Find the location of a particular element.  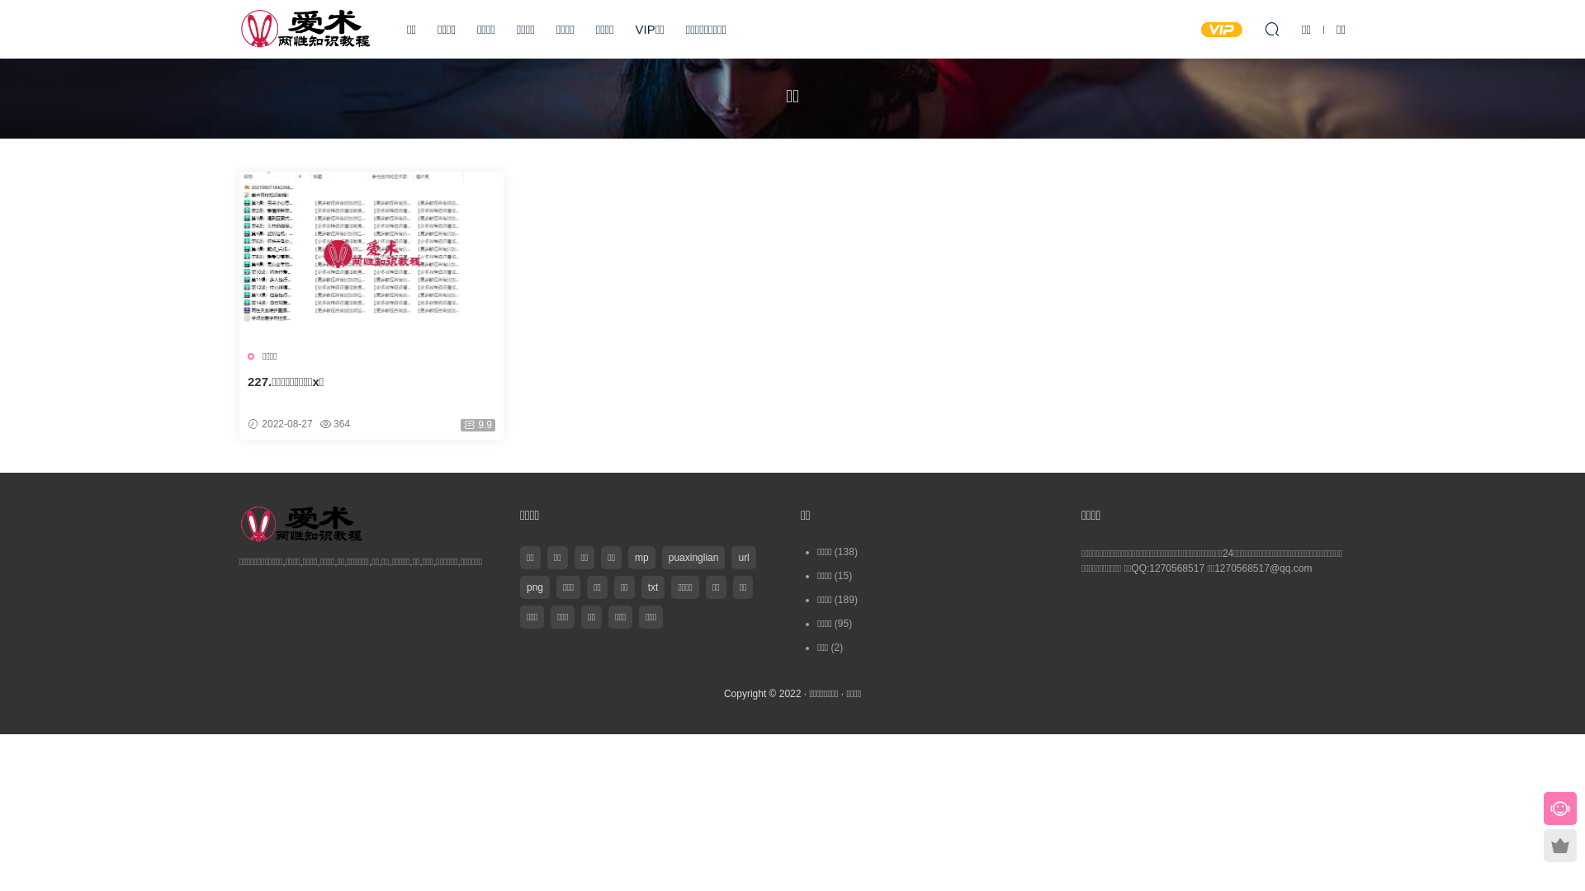

'url' is located at coordinates (742, 557).